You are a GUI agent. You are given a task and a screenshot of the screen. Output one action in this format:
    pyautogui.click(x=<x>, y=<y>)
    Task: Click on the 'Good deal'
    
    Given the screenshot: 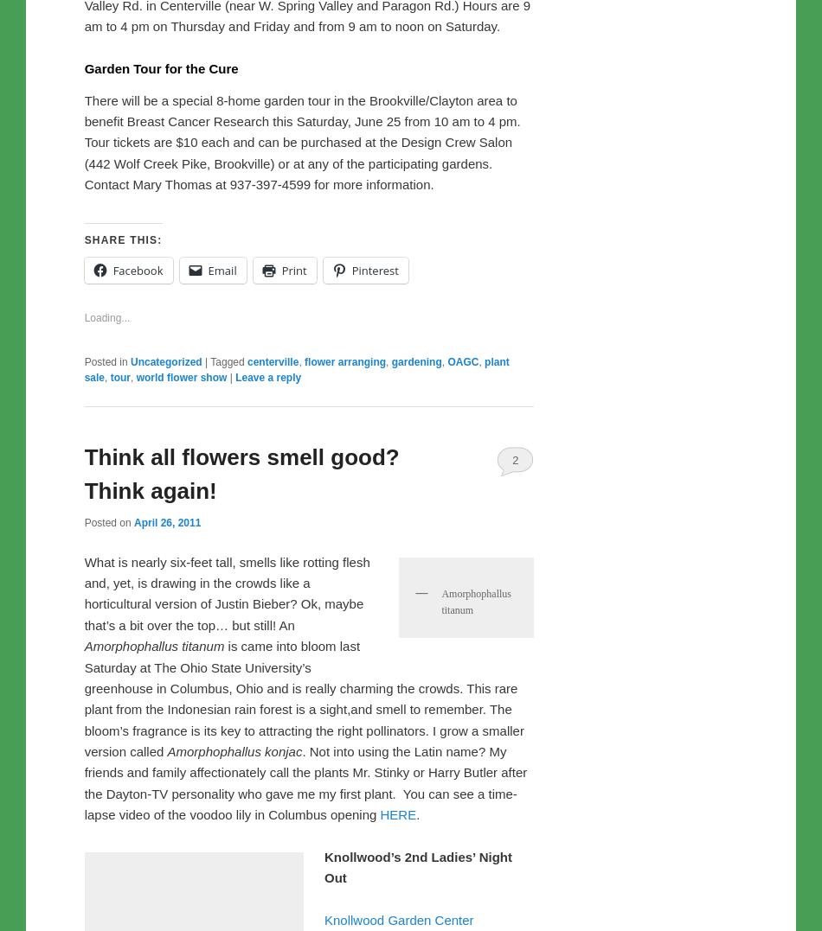 What is the action you would take?
    pyautogui.click(x=115, y=250)
    